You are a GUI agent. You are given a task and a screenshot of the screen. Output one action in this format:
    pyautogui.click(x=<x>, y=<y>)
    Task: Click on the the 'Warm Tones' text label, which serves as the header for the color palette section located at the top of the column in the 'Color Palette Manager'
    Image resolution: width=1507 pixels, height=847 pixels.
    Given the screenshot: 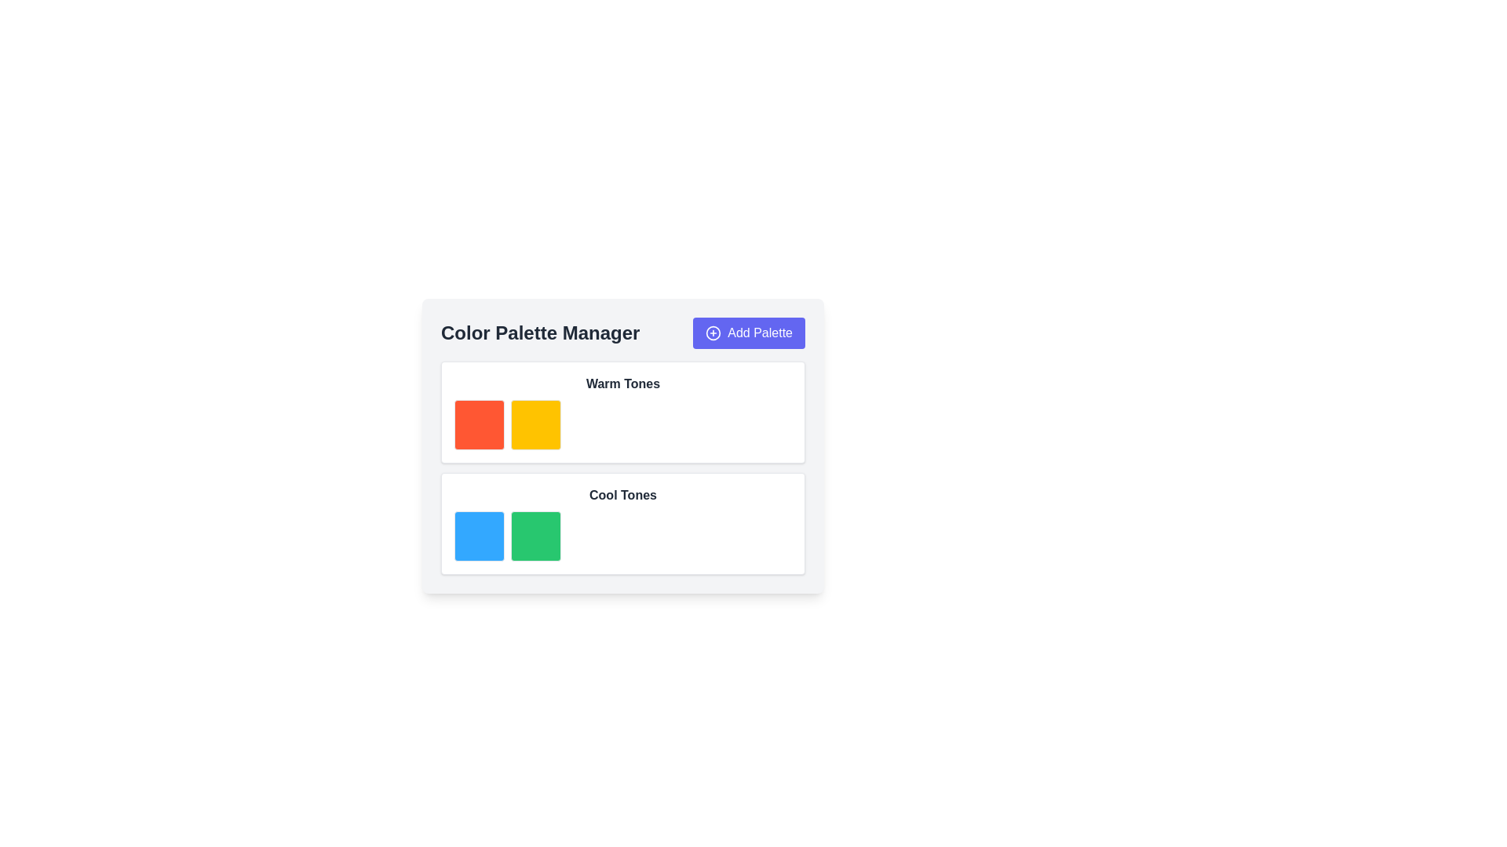 What is the action you would take?
    pyautogui.click(x=622, y=384)
    